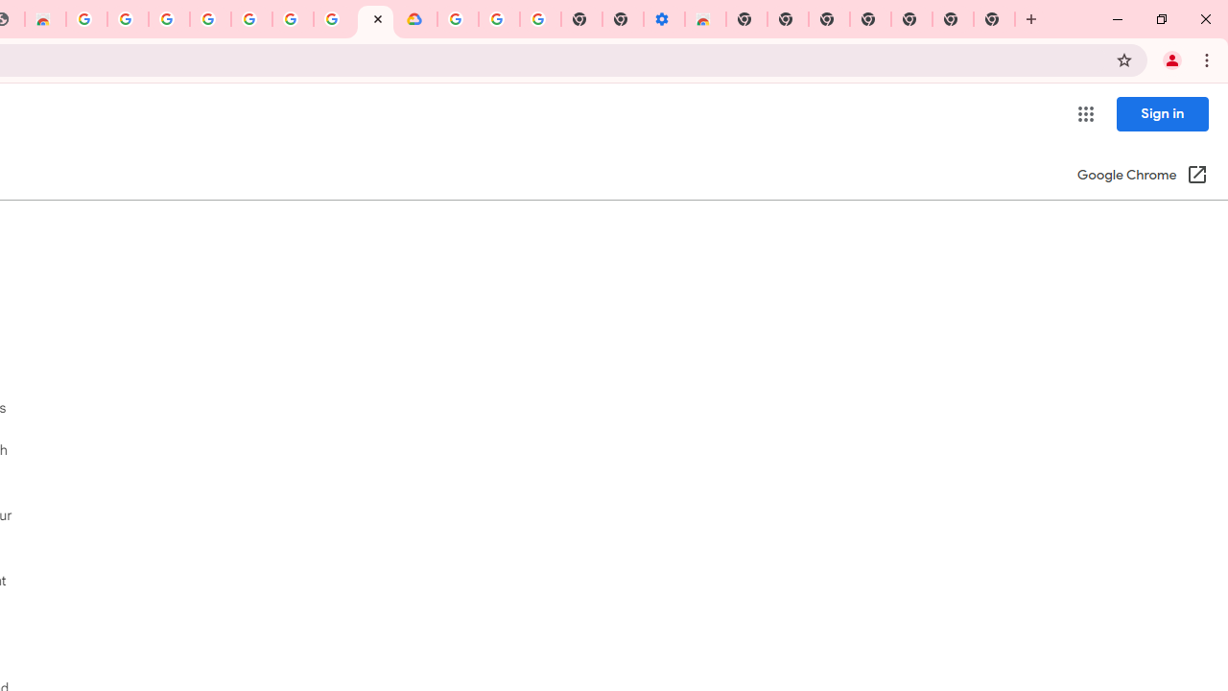 This screenshot has height=691, width=1228. I want to click on 'Settings - Accessibility', so click(664, 19).